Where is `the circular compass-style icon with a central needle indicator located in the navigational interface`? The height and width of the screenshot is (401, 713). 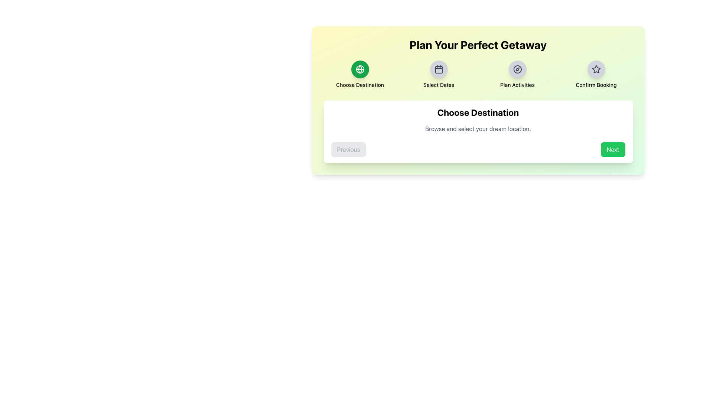 the circular compass-style icon with a central needle indicator located in the navigational interface is located at coordinates (517, 69).